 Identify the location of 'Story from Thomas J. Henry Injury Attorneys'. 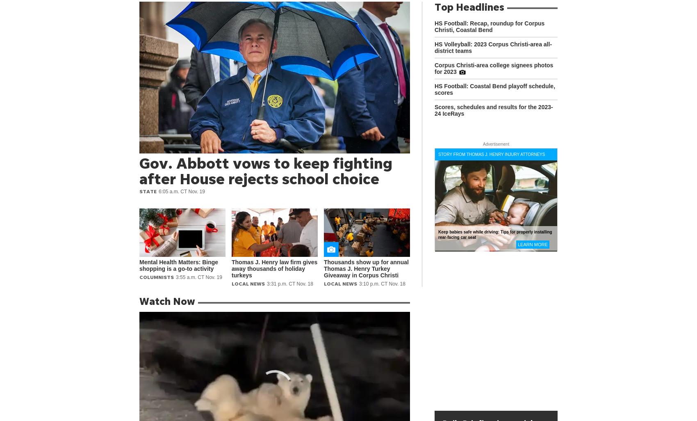
(491, 154).